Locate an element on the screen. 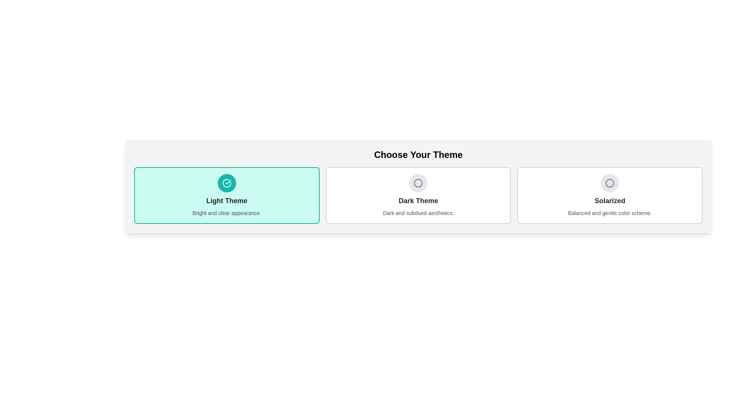 The image size is (736, 414). the button is located at coordinates (418, 195).